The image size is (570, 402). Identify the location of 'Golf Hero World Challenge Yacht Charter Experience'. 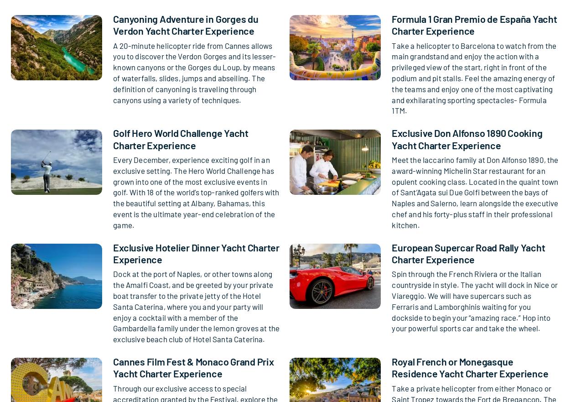
(181, 138).